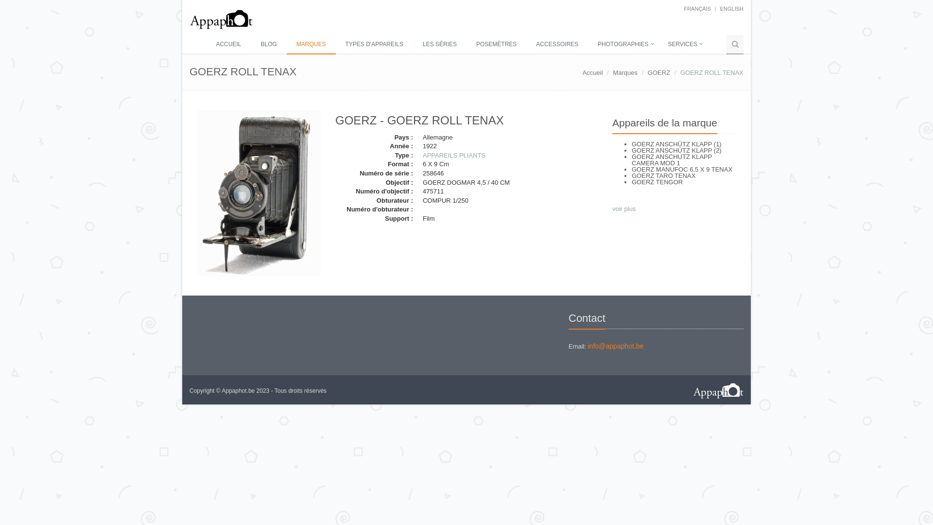 The height and width of the screenshot is (525, 933). I want to click on 'GOERZ', so click(648, 72).